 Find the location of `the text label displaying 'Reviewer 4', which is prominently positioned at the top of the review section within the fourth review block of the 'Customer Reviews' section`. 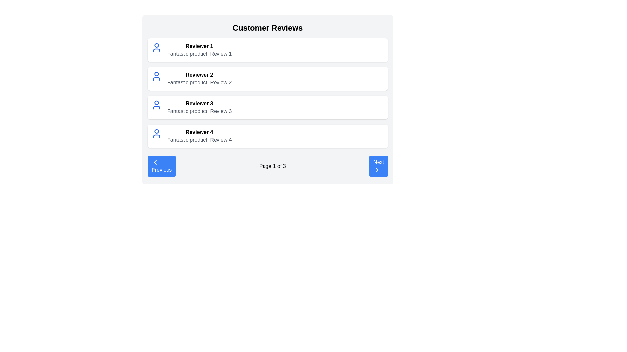

the text label displaying 'Reviewer 4', which is prominently positioned at the top of the review section within the fourth review block of the 'Customer Reviews' section is located at coordinates (199, 132).